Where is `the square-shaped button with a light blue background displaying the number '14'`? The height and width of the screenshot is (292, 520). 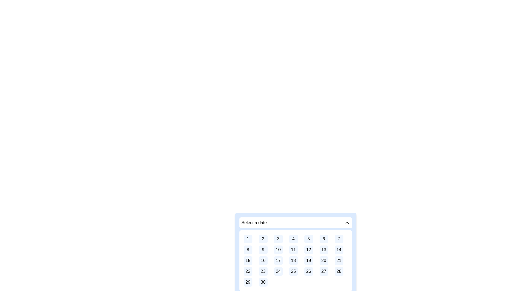
the square-shaped button with a light blue background displaying the number '14' is located at coordinates (339, 250).